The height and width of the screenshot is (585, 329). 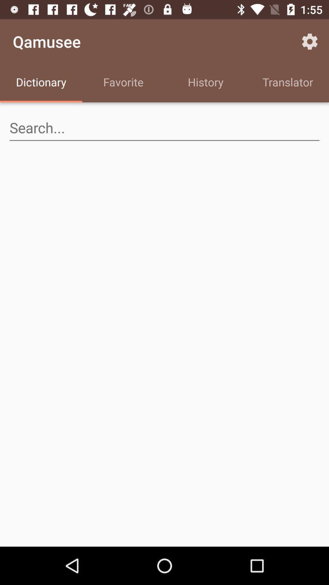 I want to click on the icon to the right of favorite icon, so click(x=206, y=83).